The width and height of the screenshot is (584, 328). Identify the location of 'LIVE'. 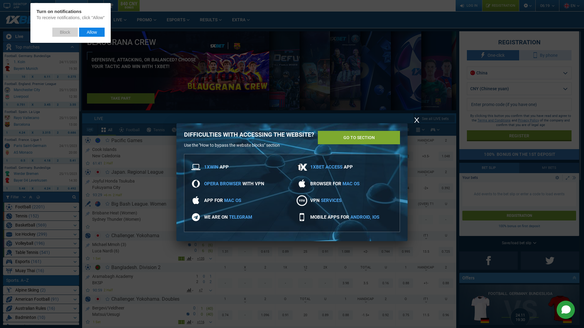
(120, 19).